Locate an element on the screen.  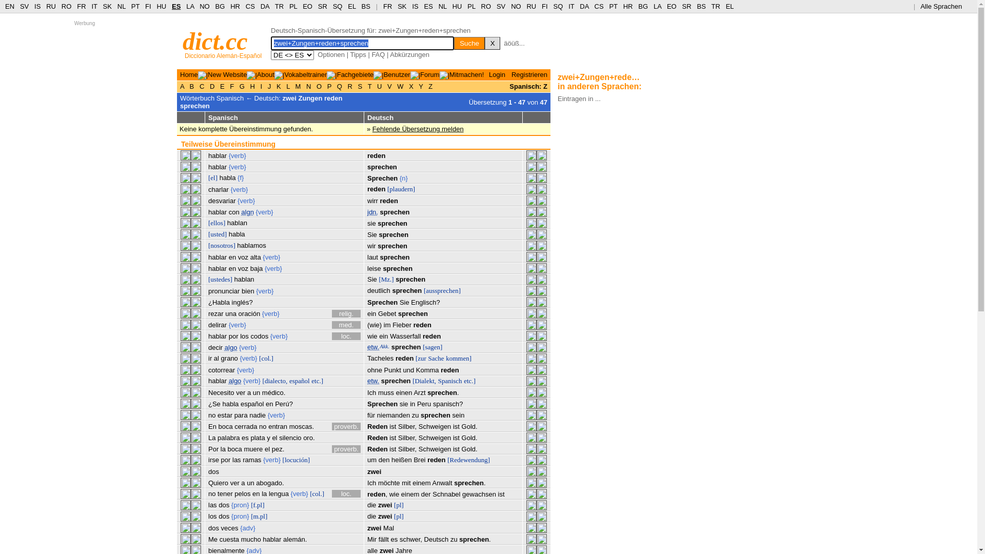
'por' is located at coordinates (225, 459).